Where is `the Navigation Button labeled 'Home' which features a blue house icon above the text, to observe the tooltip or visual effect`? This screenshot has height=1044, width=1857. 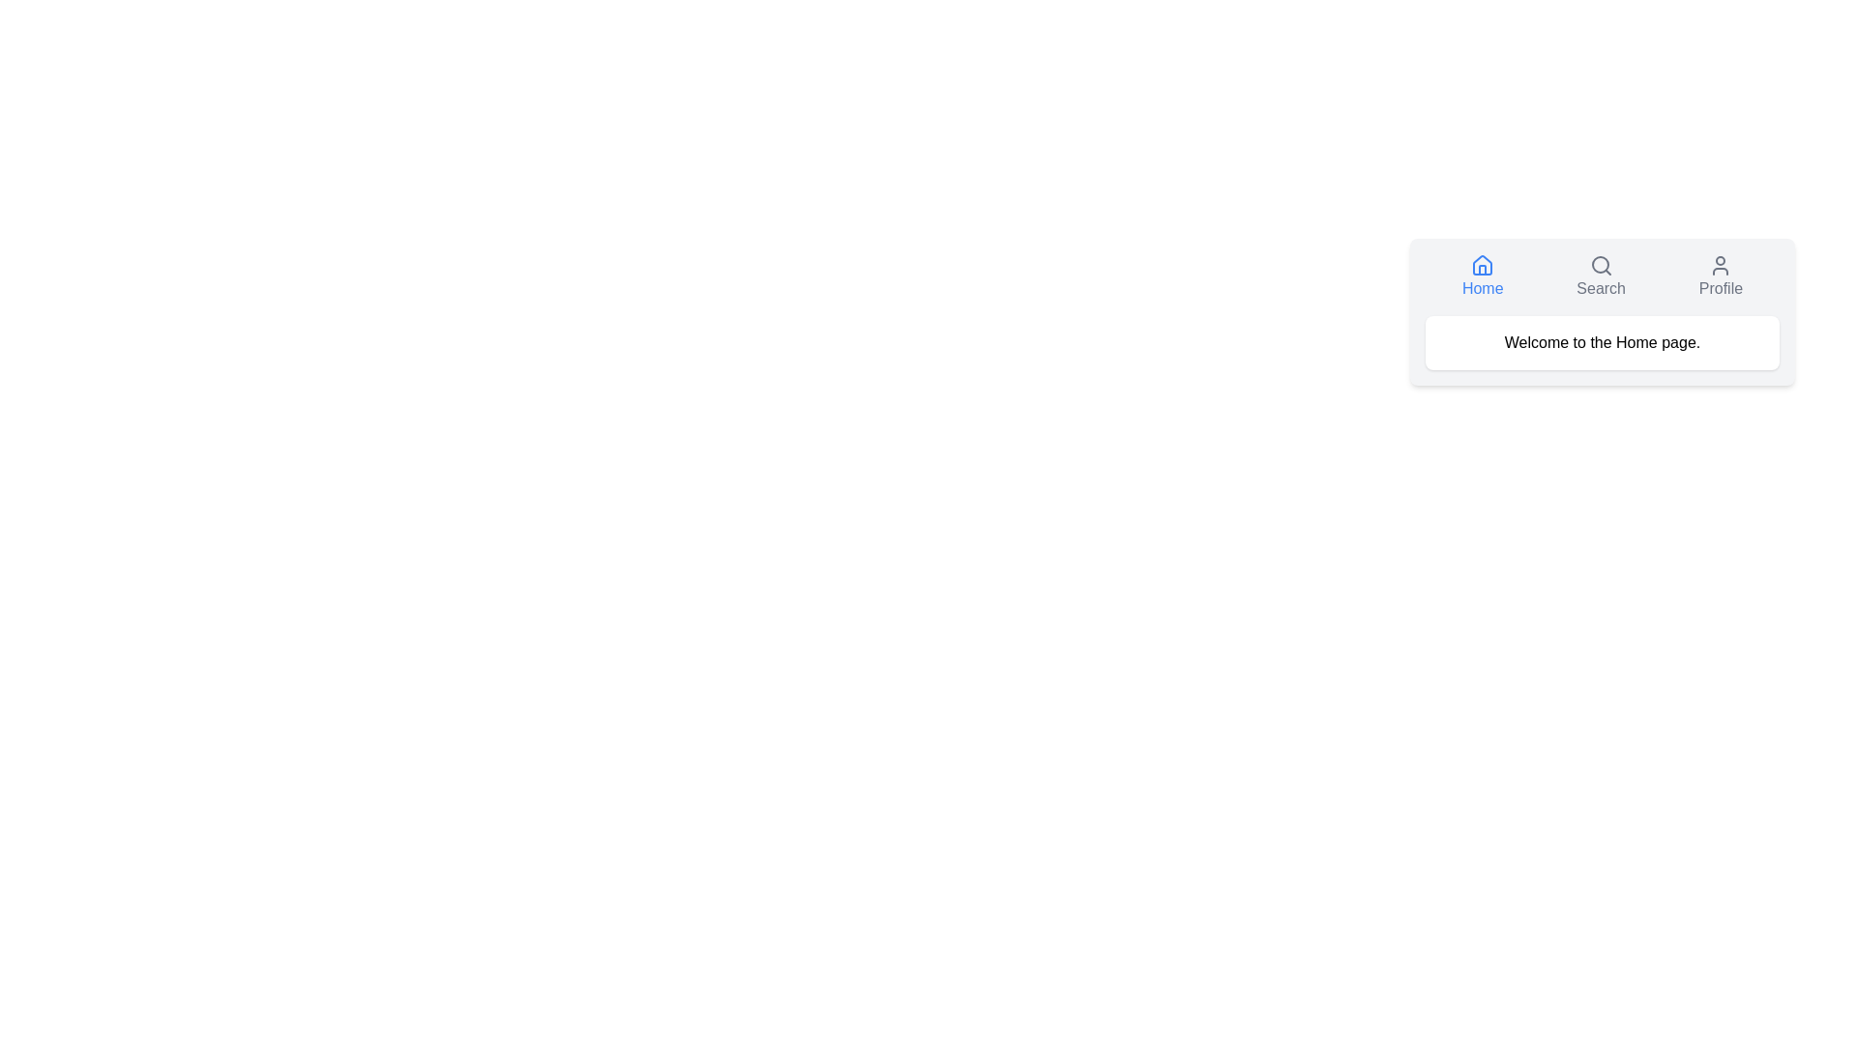
the Navigation Button labeled 'Home' which features a blue house icon above the text, to observe the tooltip or visual effect is located at coordinates (1482, 276).